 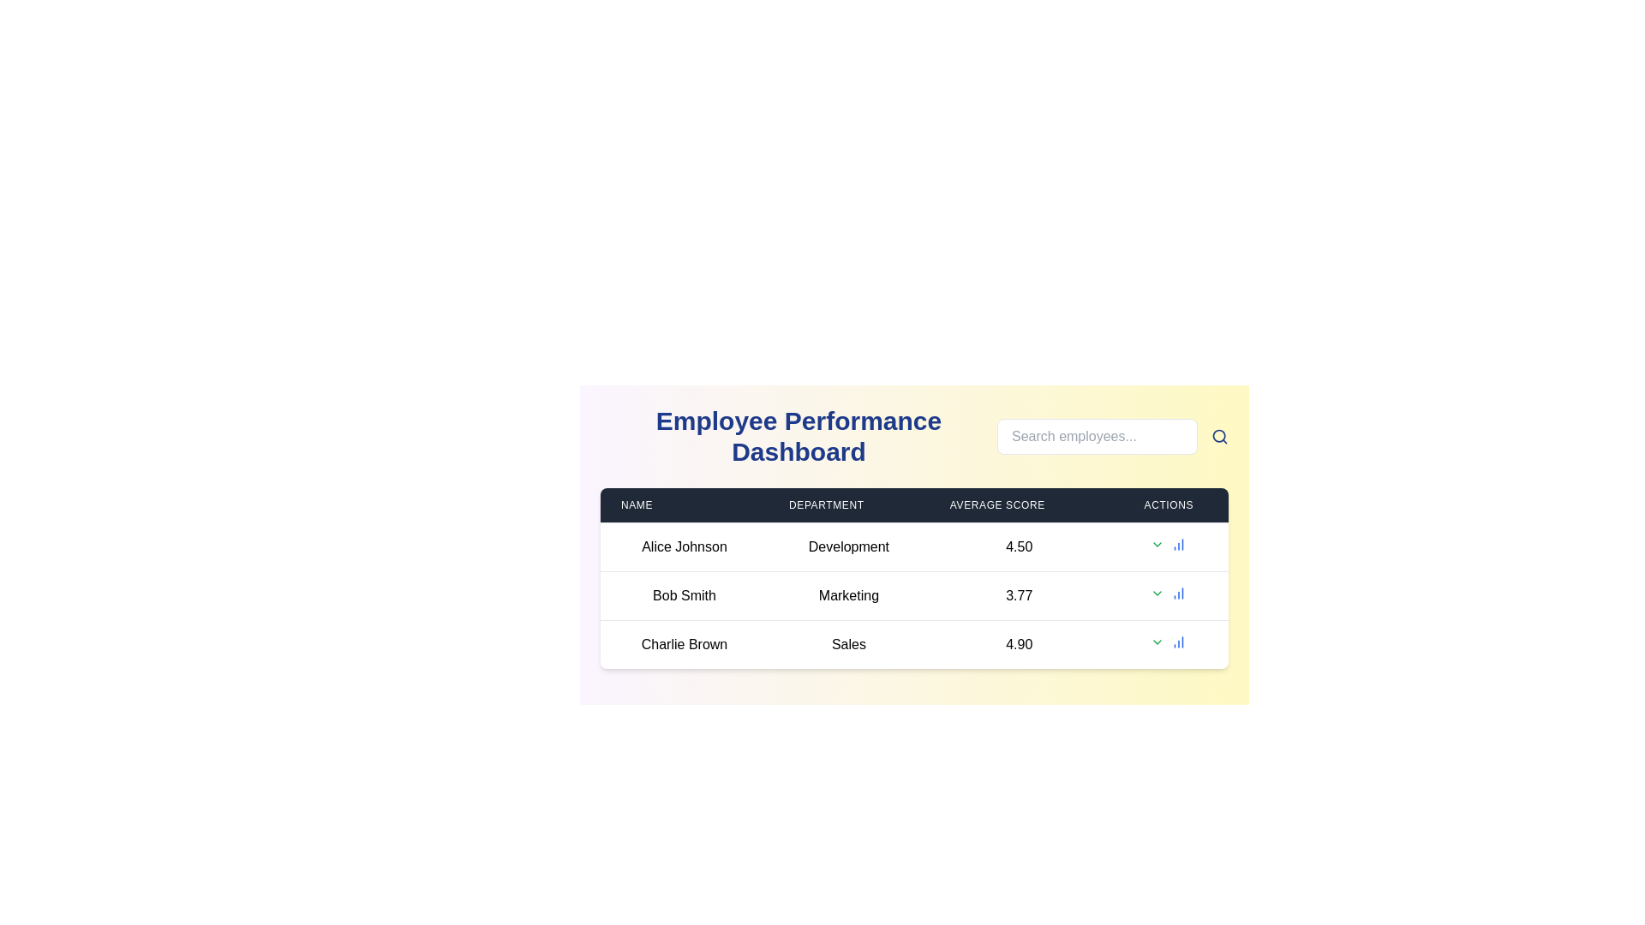 What do you see at coordinates (1157, 593) in the screenshot?
I see `the chevron-down icon in the second row of the table under the 'Actions' column` at bounding box center [1157, 593].